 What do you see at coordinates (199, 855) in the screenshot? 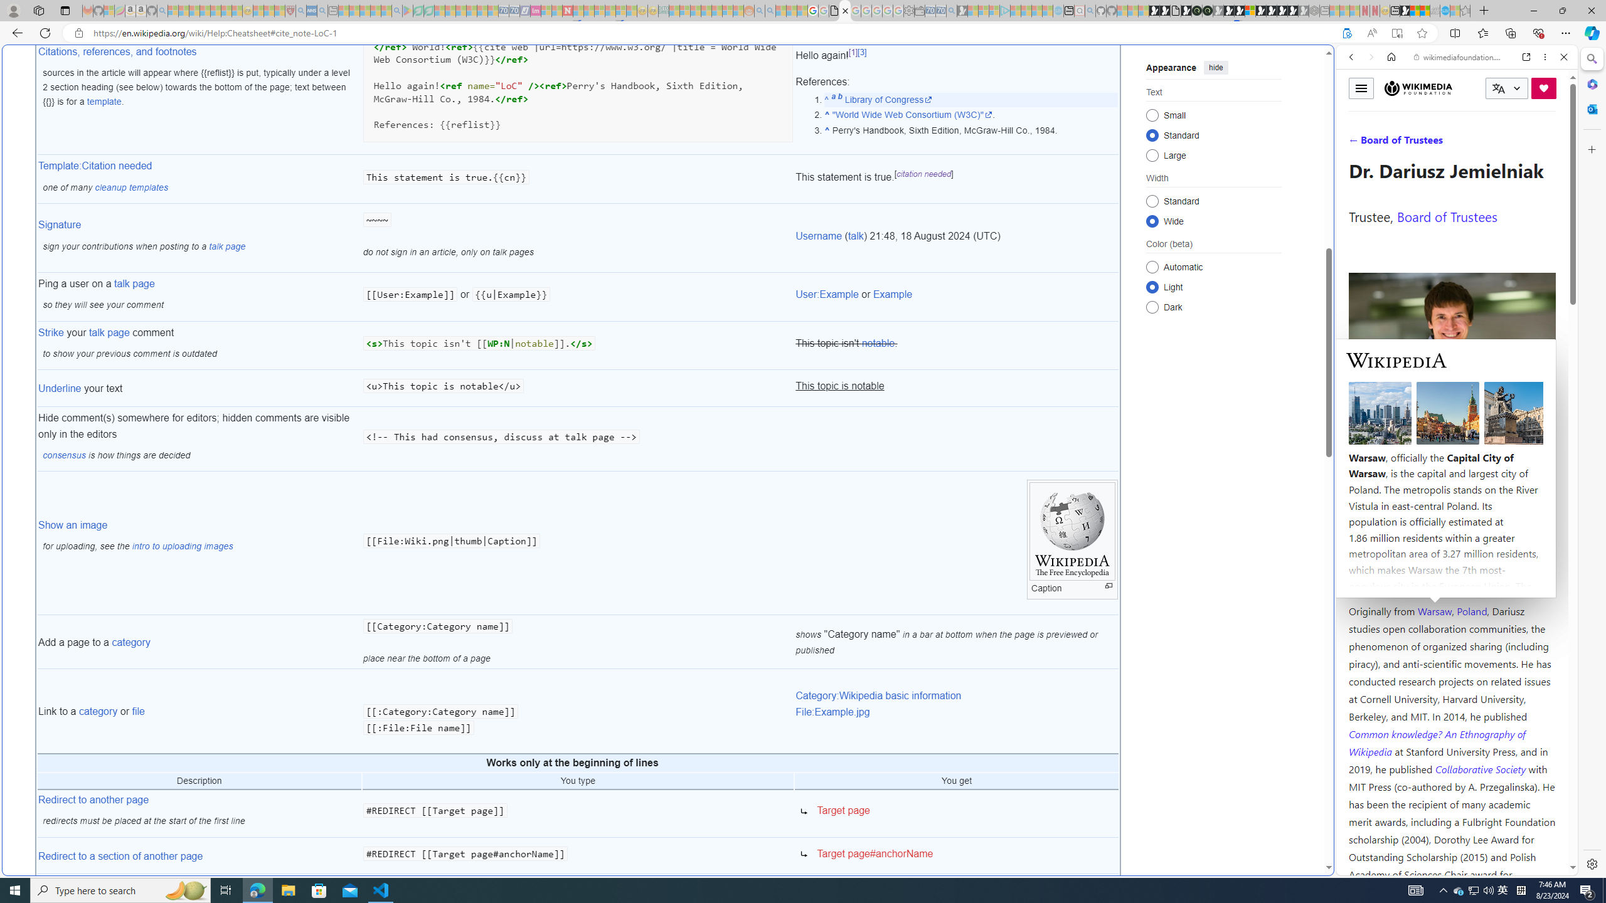
I see `'Redirect to a section of another page'` at bounding box center [199, 855].